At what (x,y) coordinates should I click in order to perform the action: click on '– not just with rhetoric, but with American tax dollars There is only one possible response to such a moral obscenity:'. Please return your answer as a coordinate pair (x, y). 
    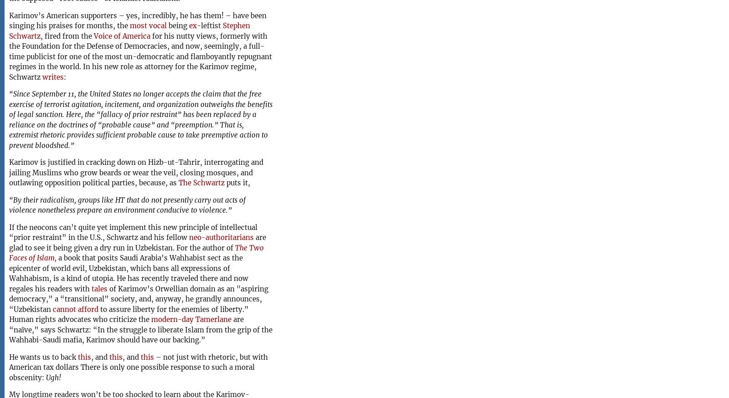
    Looking at the image, I should click on (139, 367).